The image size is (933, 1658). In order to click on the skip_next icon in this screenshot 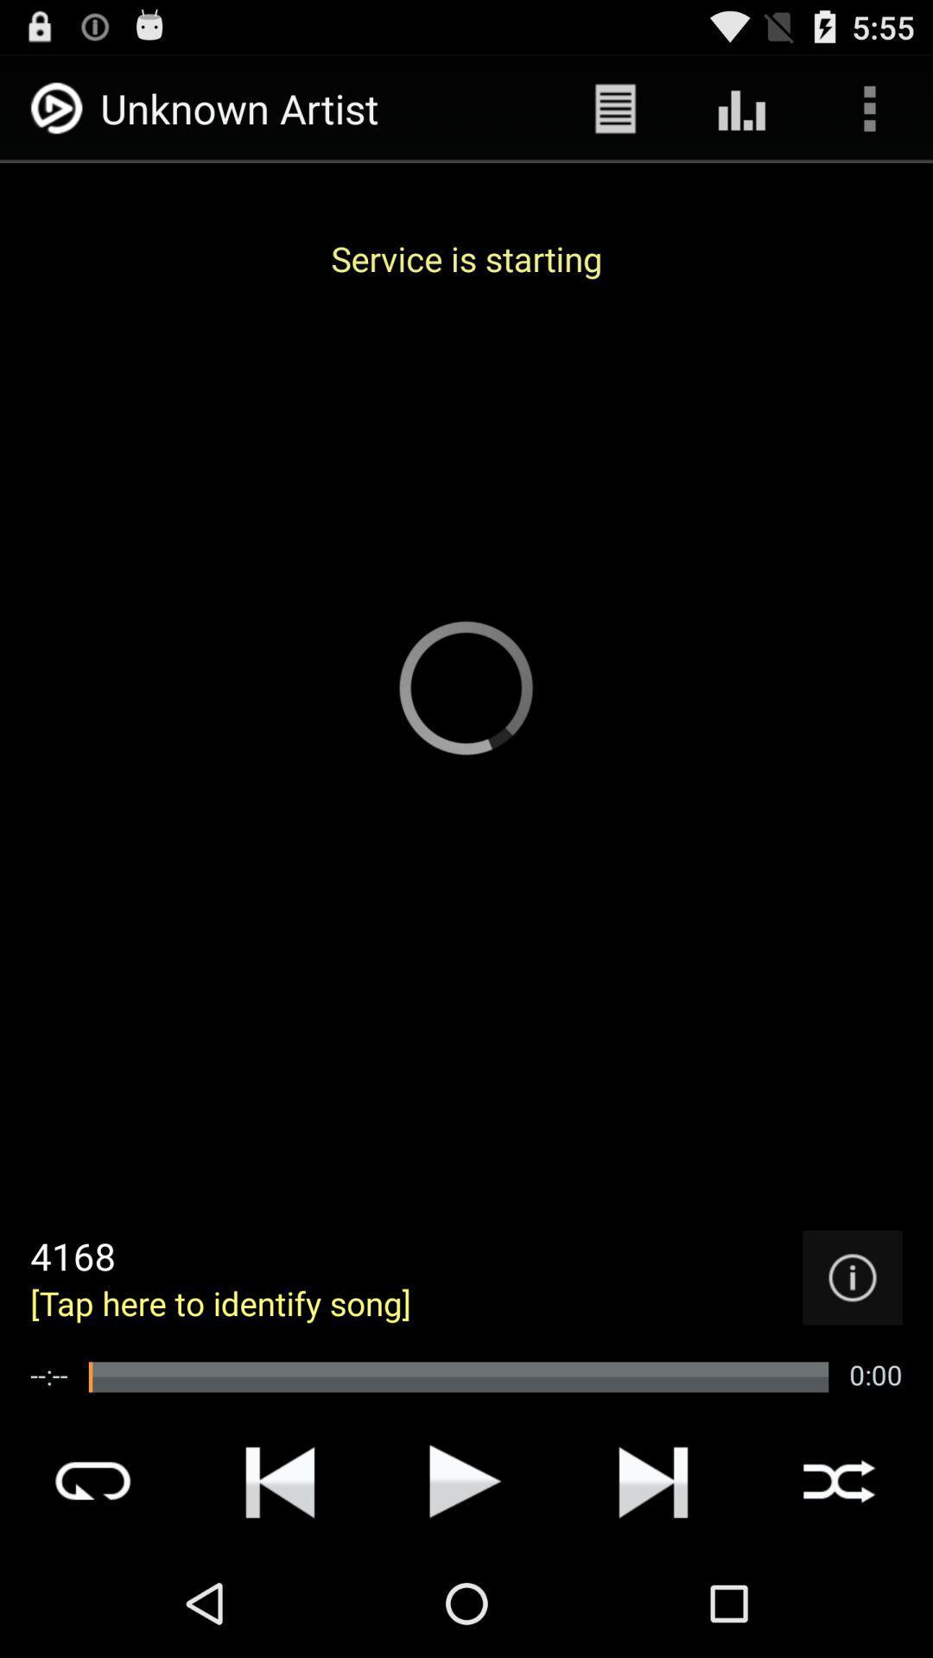, I will do `click(653, 1585)`.